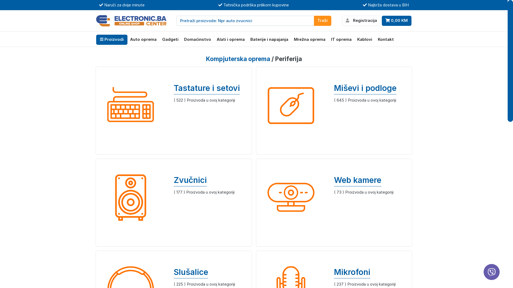 The image size is (513, 288). I want to click on 'Kontakt', so click(375, 39).